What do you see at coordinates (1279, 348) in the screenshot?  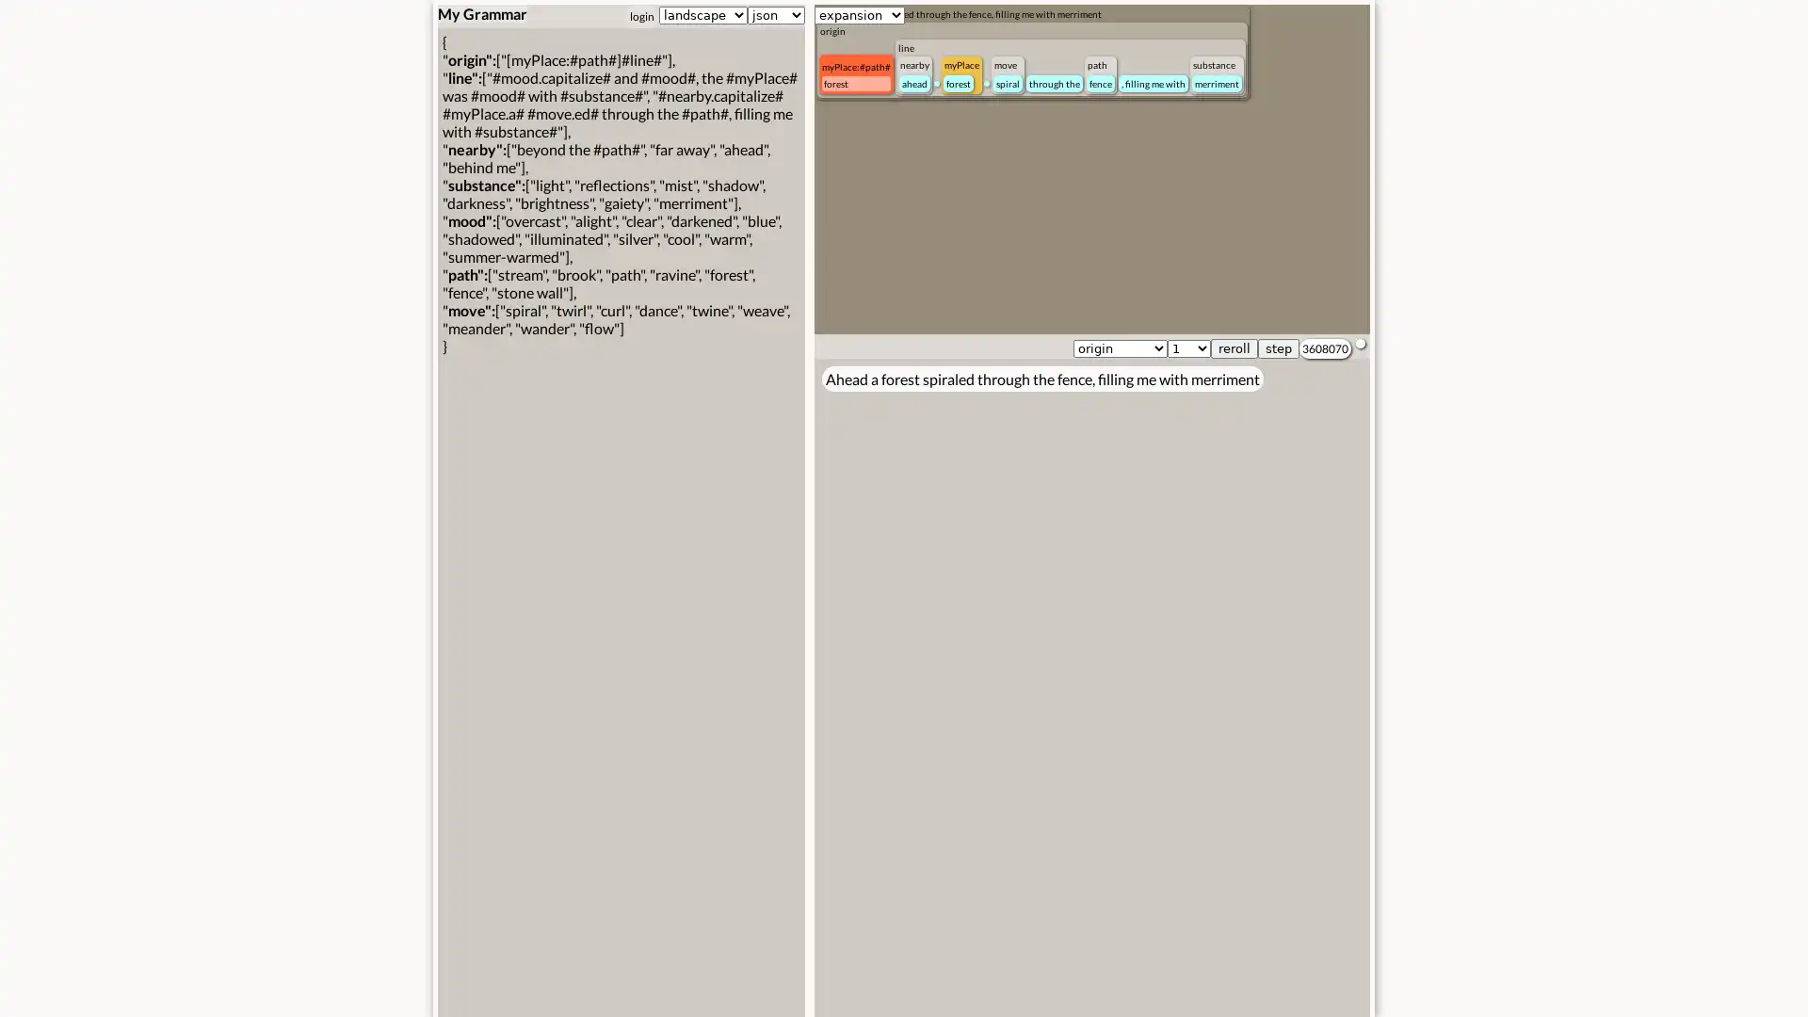 I see `step` at bounding box center [1279, 348].